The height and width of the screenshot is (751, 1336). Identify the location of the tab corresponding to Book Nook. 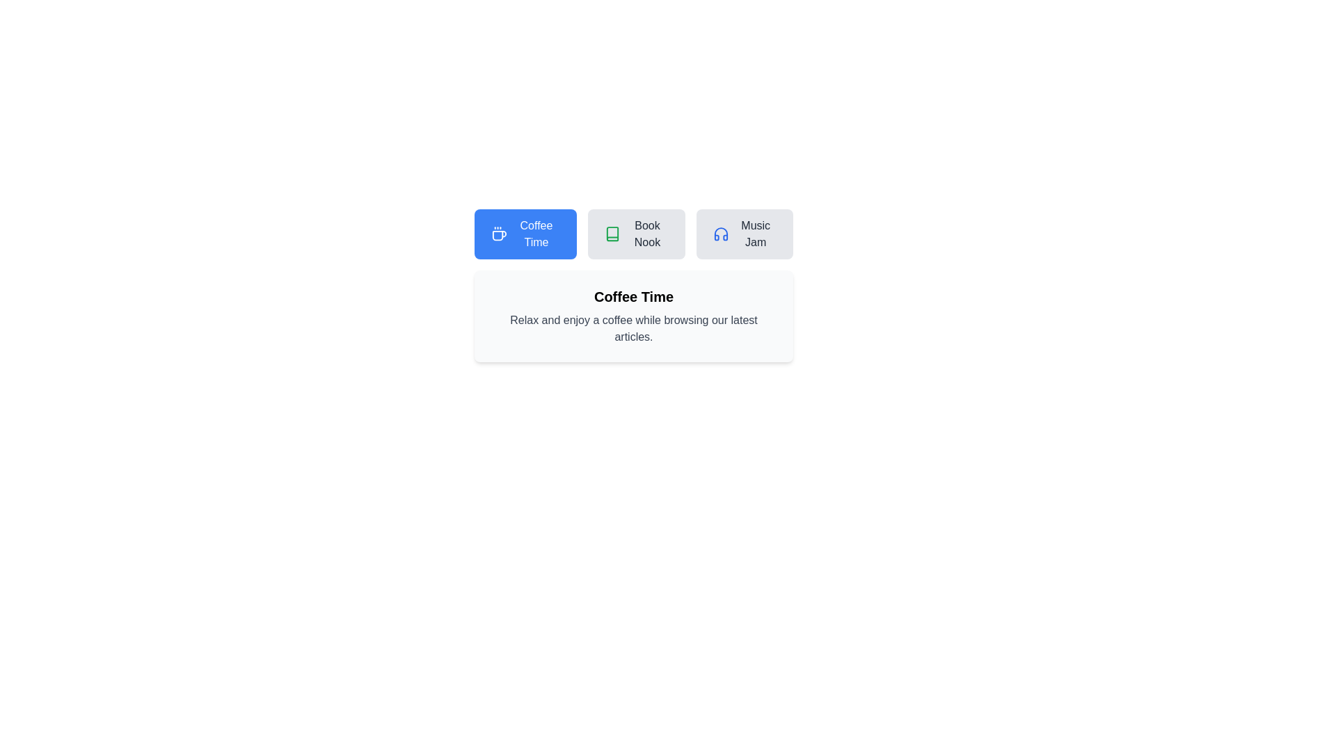
(635, 233).